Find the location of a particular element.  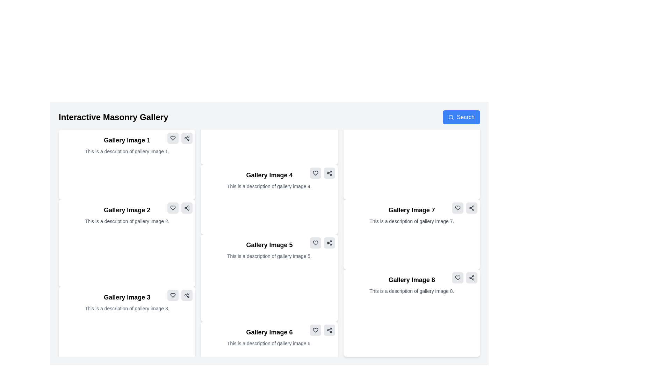

the 'share' icon located at the bottom-right corner of the 'Gallery Image 5' card, which is positioned next to a heart icon on its left is located at coordinates (329, 242).